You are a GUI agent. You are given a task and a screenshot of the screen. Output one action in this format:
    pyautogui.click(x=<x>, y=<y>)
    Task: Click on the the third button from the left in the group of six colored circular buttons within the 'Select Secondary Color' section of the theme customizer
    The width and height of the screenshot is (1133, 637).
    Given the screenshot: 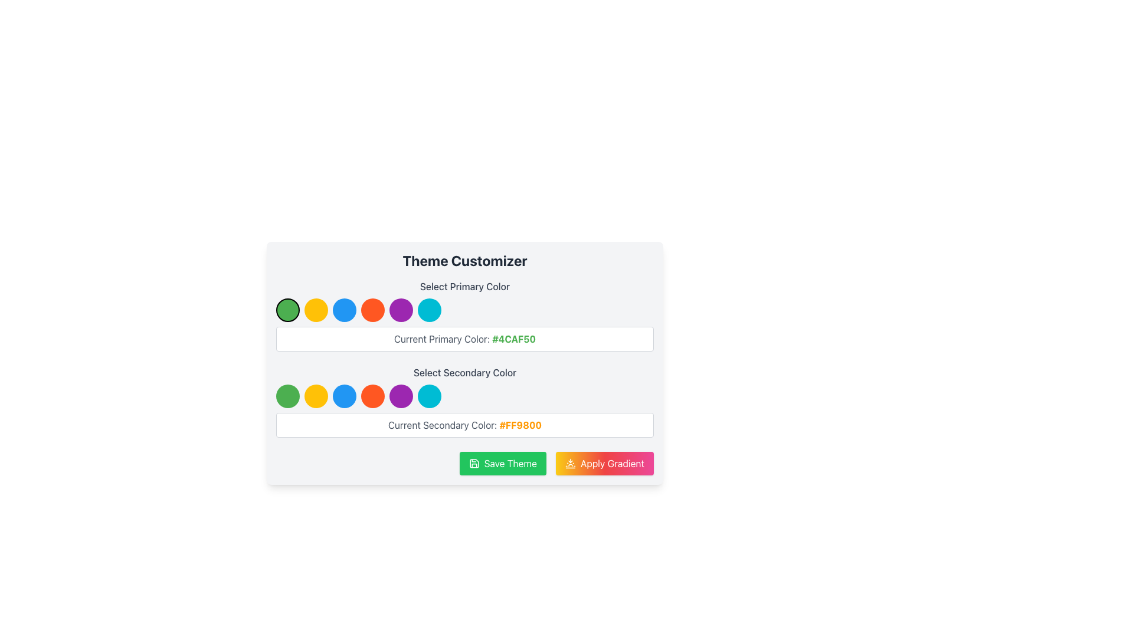 What is the action you would take?
    pyautogui.click(x=344, y=396)
    